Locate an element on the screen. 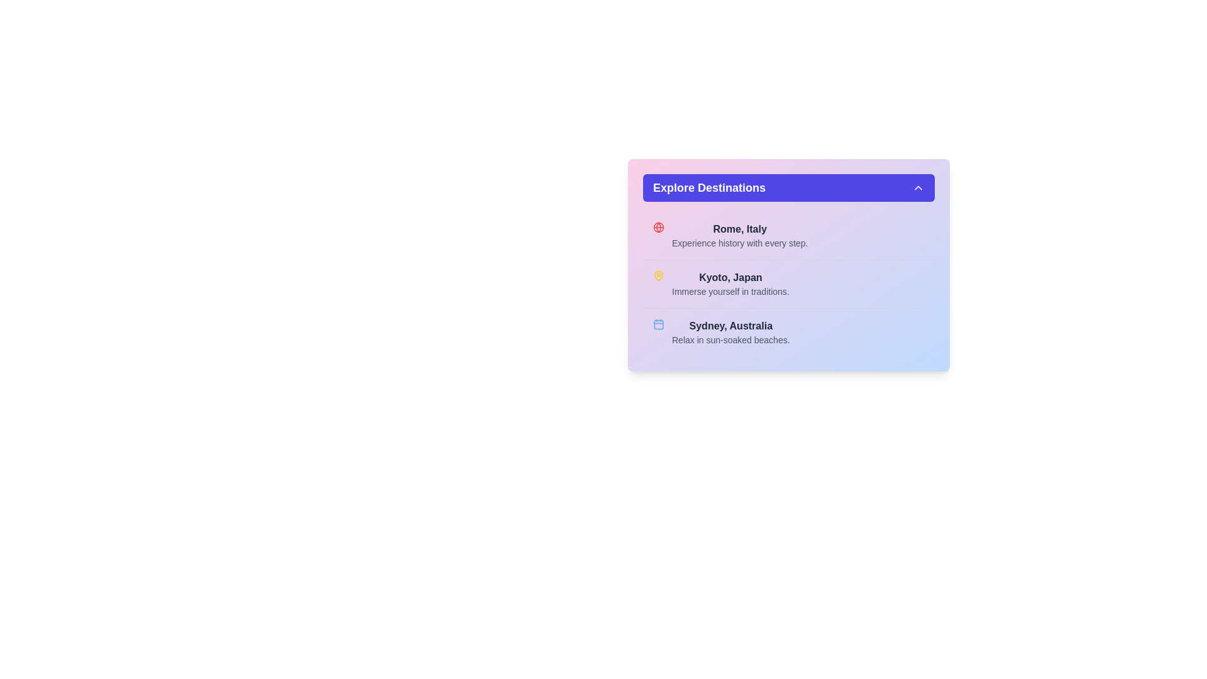  the 'Sydney, Australia' text label, which is styled in bold, dark-gray font and serves as a primary heading in a categorized list is located at coordinates (730, 326).